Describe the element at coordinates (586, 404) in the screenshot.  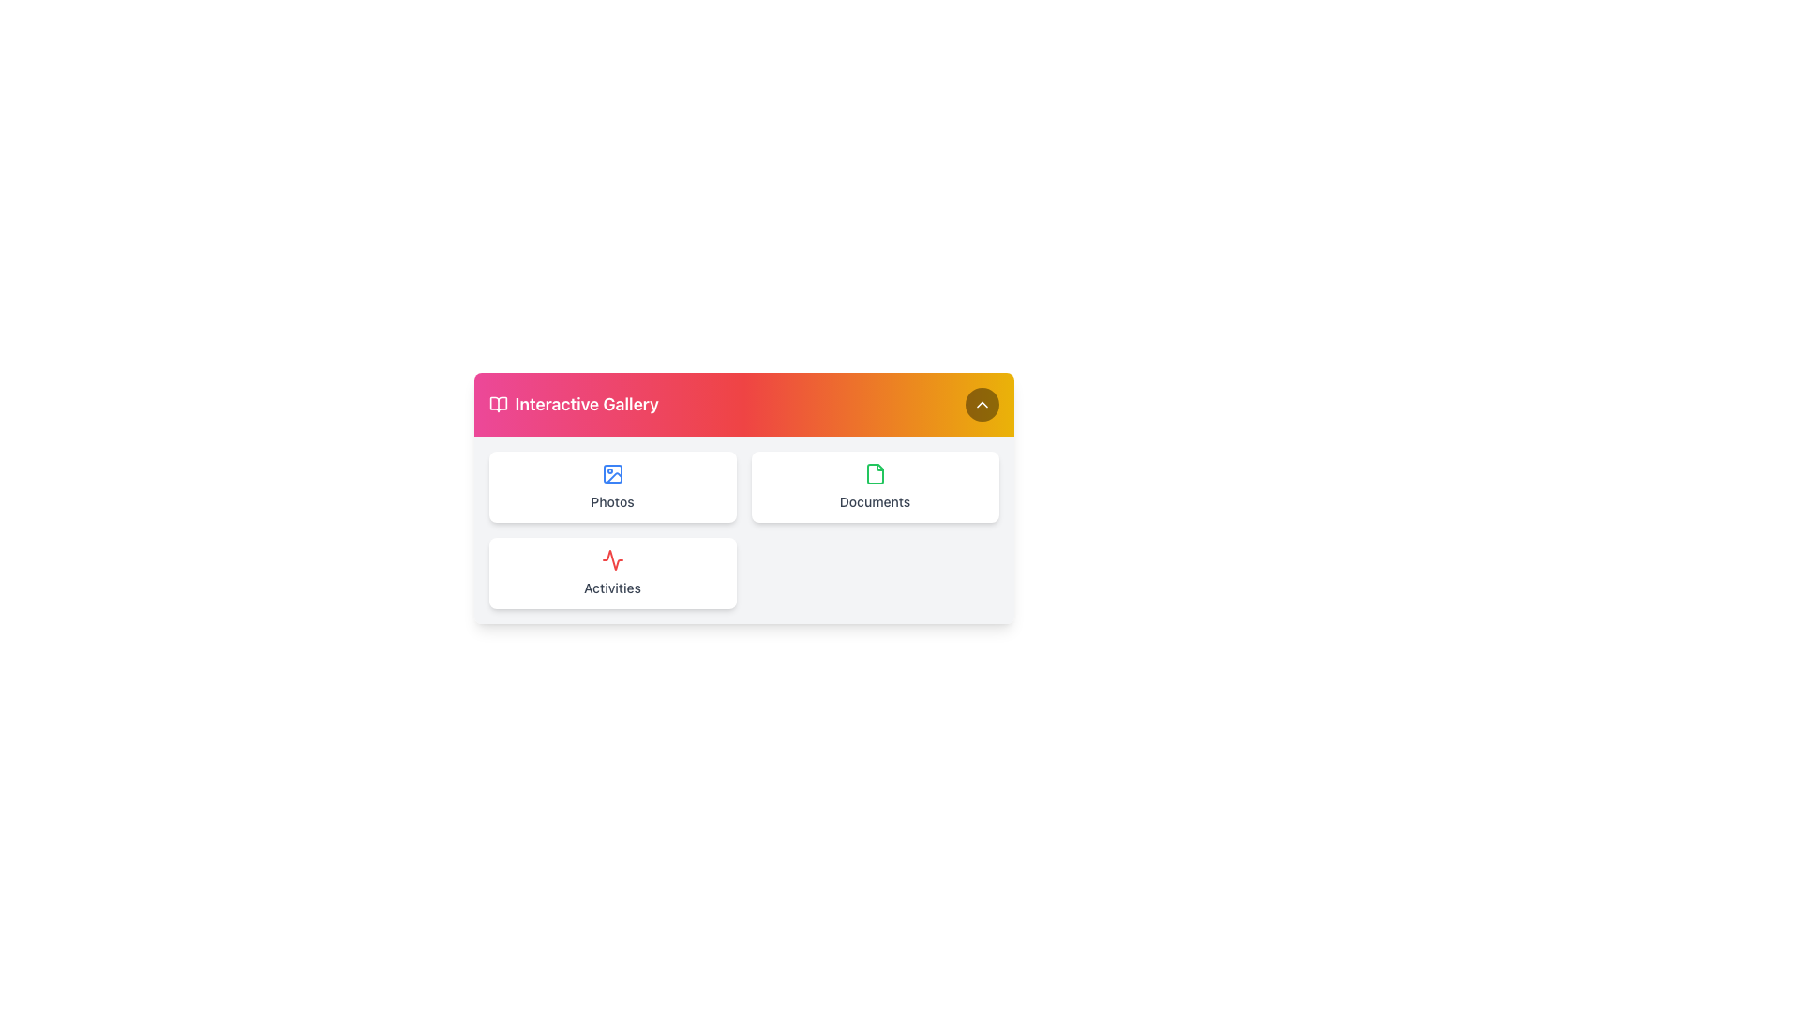
I see `the text label 'Interactive Gallery', which is centrally positioned in a horizontal bar with a gradient background` at that location.